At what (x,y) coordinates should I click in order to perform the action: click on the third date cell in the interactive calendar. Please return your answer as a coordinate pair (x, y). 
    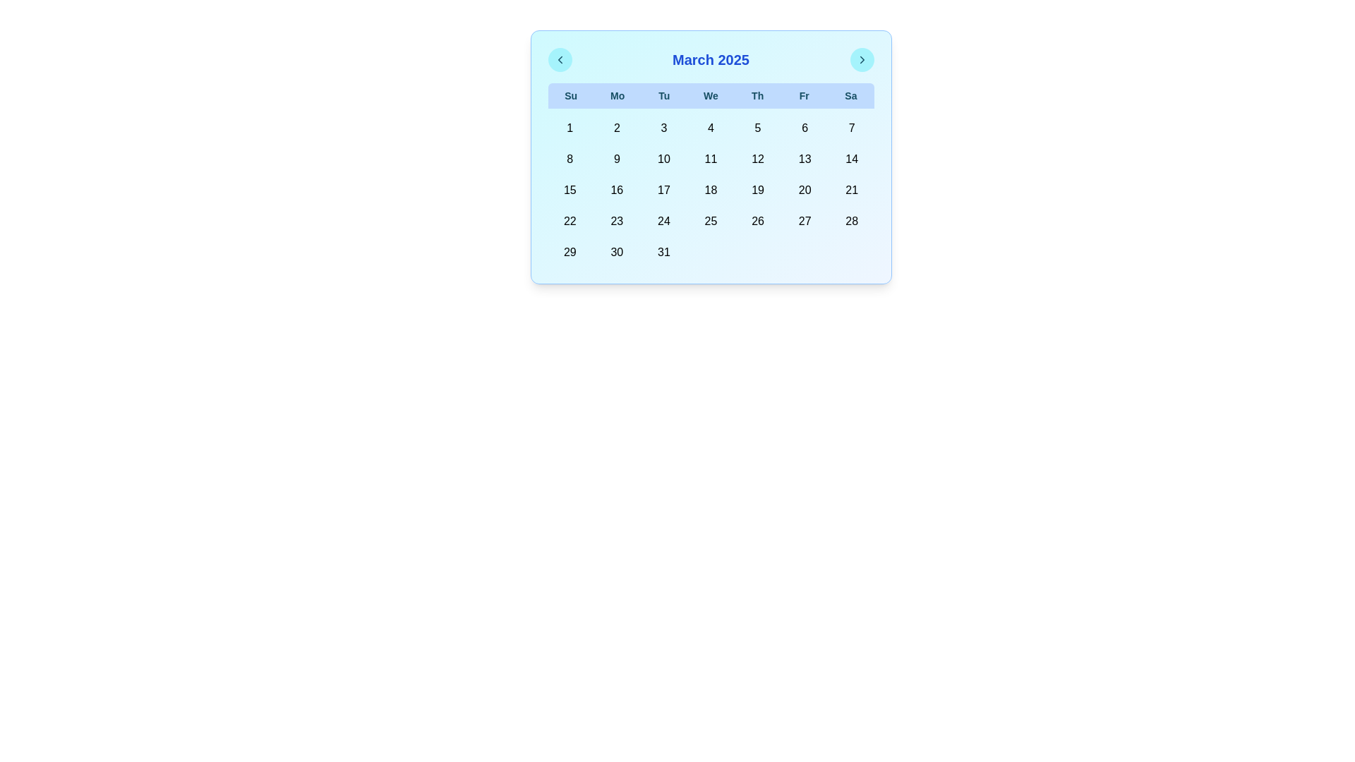
    Looking at the image, I should click on (663, 128).